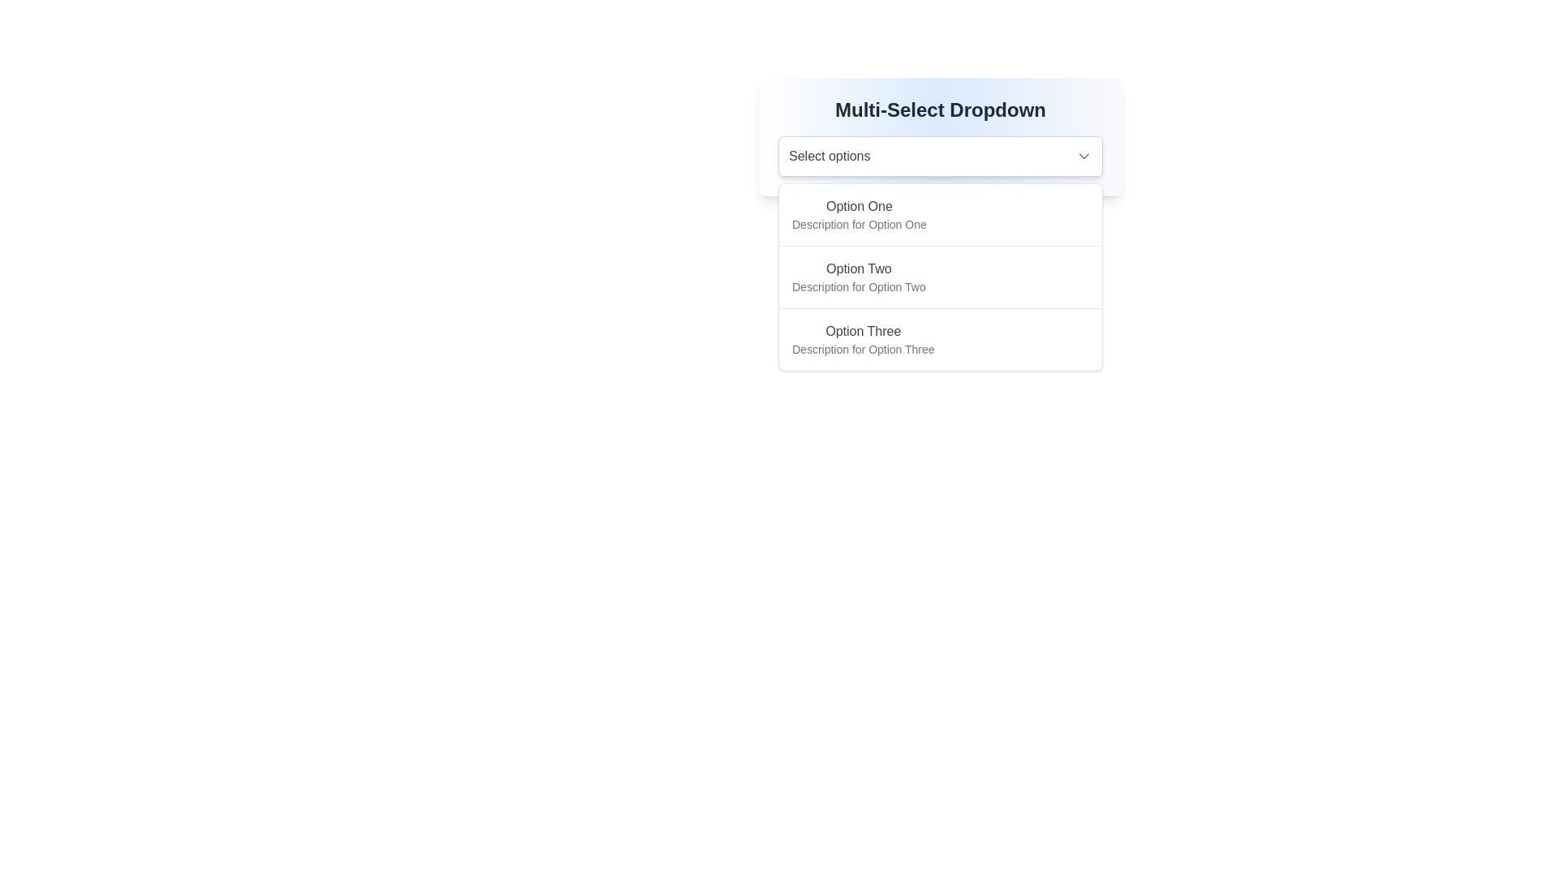 Image resolution: width=1557 pixels, height=876 pixels. Describe the element at coordinates (858, 205) in the screenshot. I see `the Text Label that identifies the first selectable option in the dropdown list, located directly below the 'Select options' input field` at that location.